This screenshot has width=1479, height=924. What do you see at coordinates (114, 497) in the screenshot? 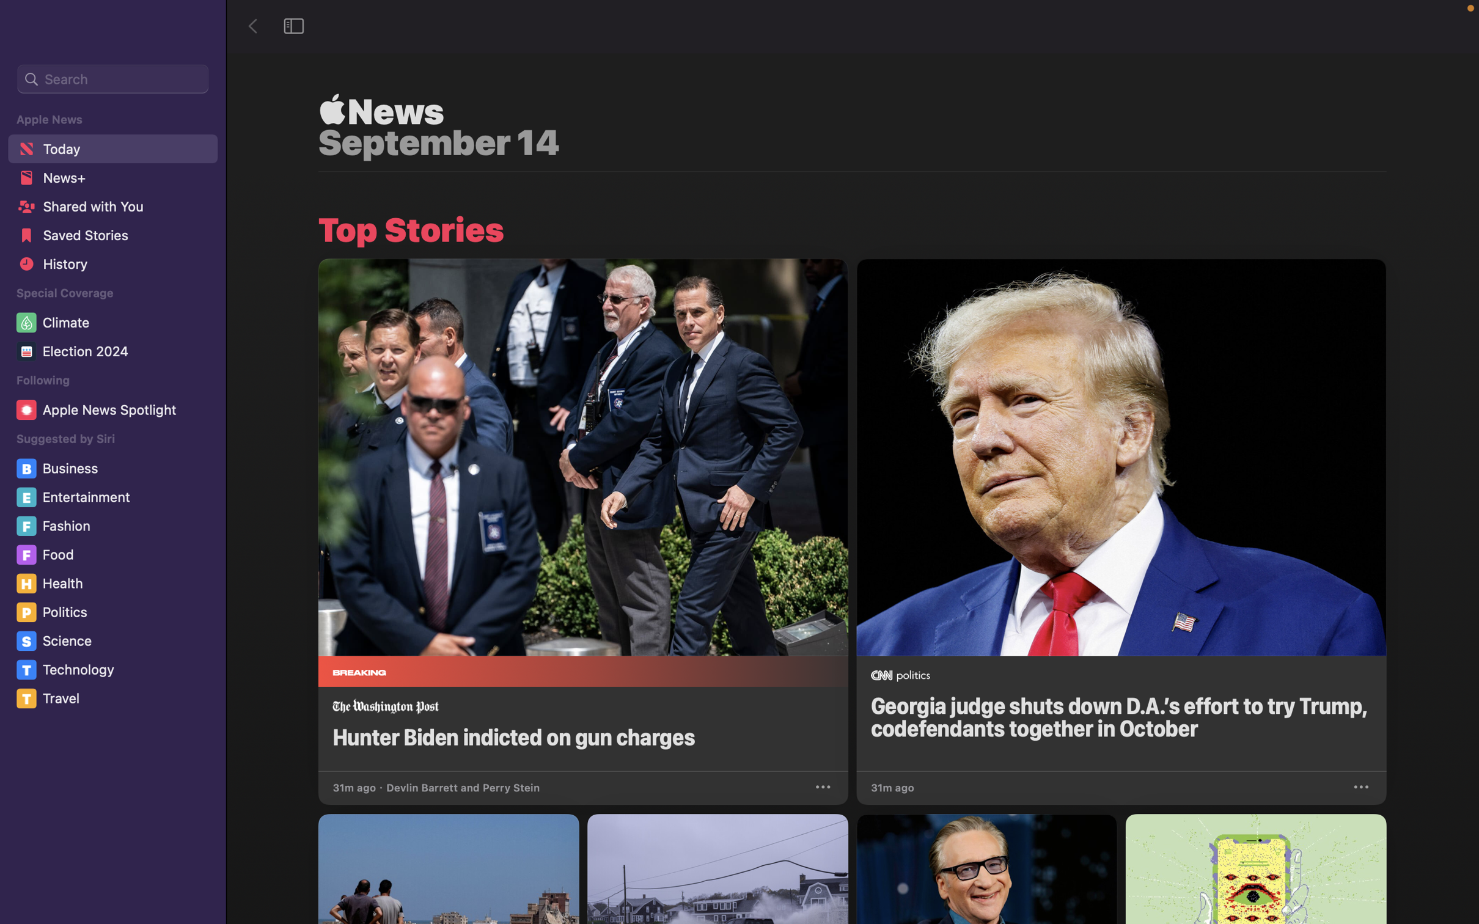
I see `Navigate and select the "Entertainment" category` at bounding box center [114, 497].